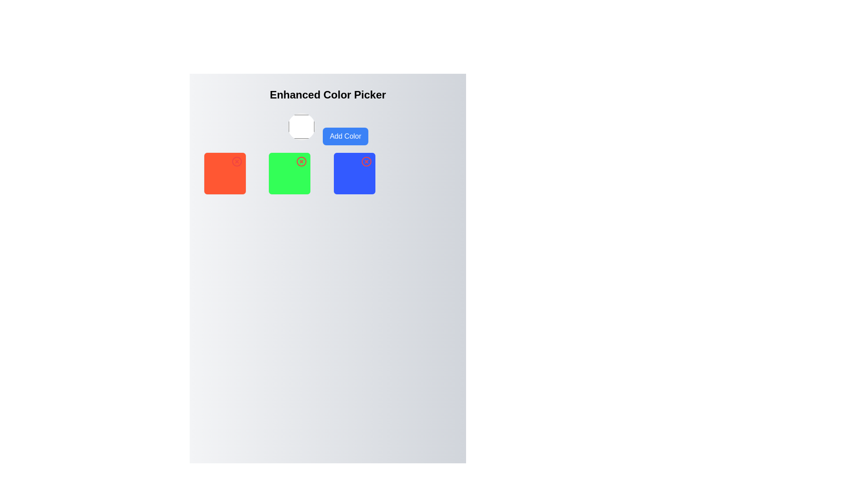 Image resolution: width=849 pixels, height=477 pixels. What do you see at coordinates (225, 174) in the screenshot?
I see `the red square block with rounded corners, which contains a close icon` at bounding box center [225, 174].